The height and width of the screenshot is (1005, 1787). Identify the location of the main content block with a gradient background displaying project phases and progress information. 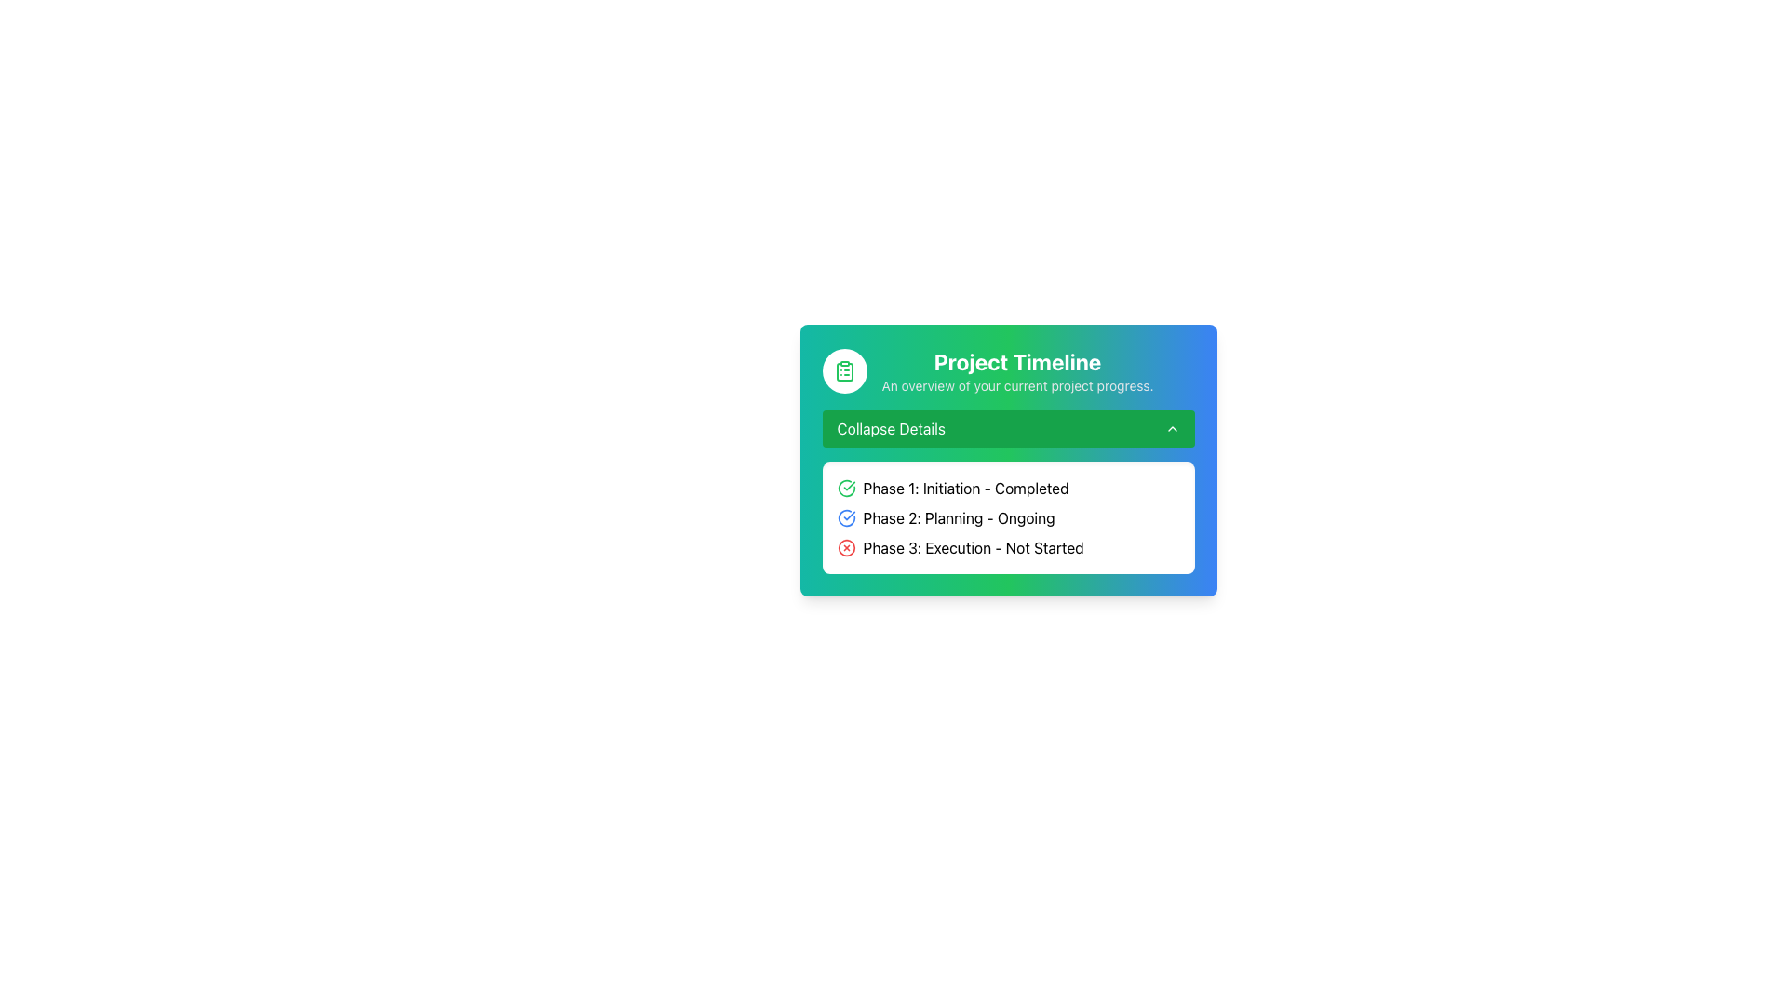
(1007, 460).